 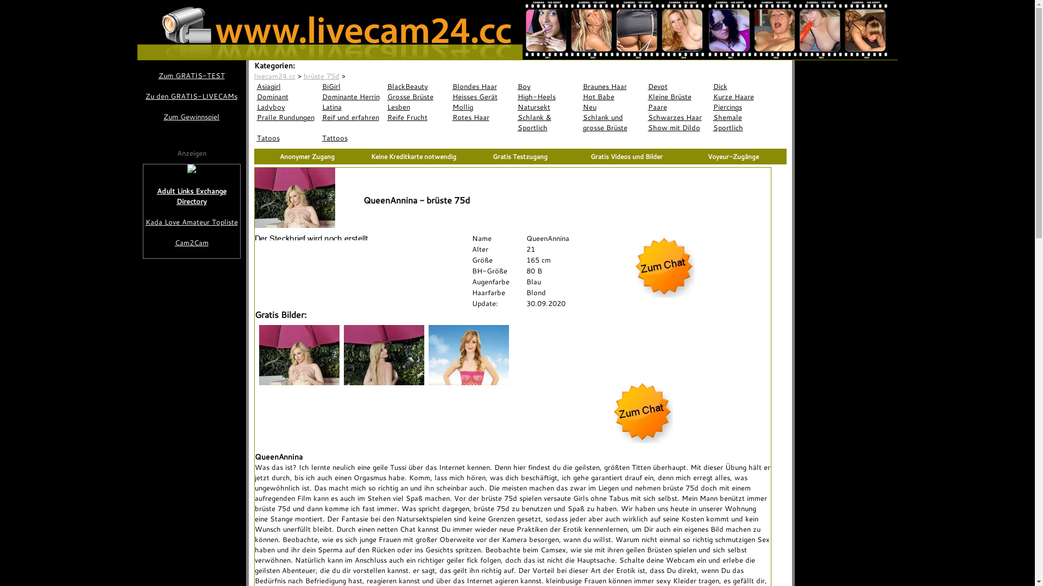 I want to click on 'Paare', so click(x=677, y=107).